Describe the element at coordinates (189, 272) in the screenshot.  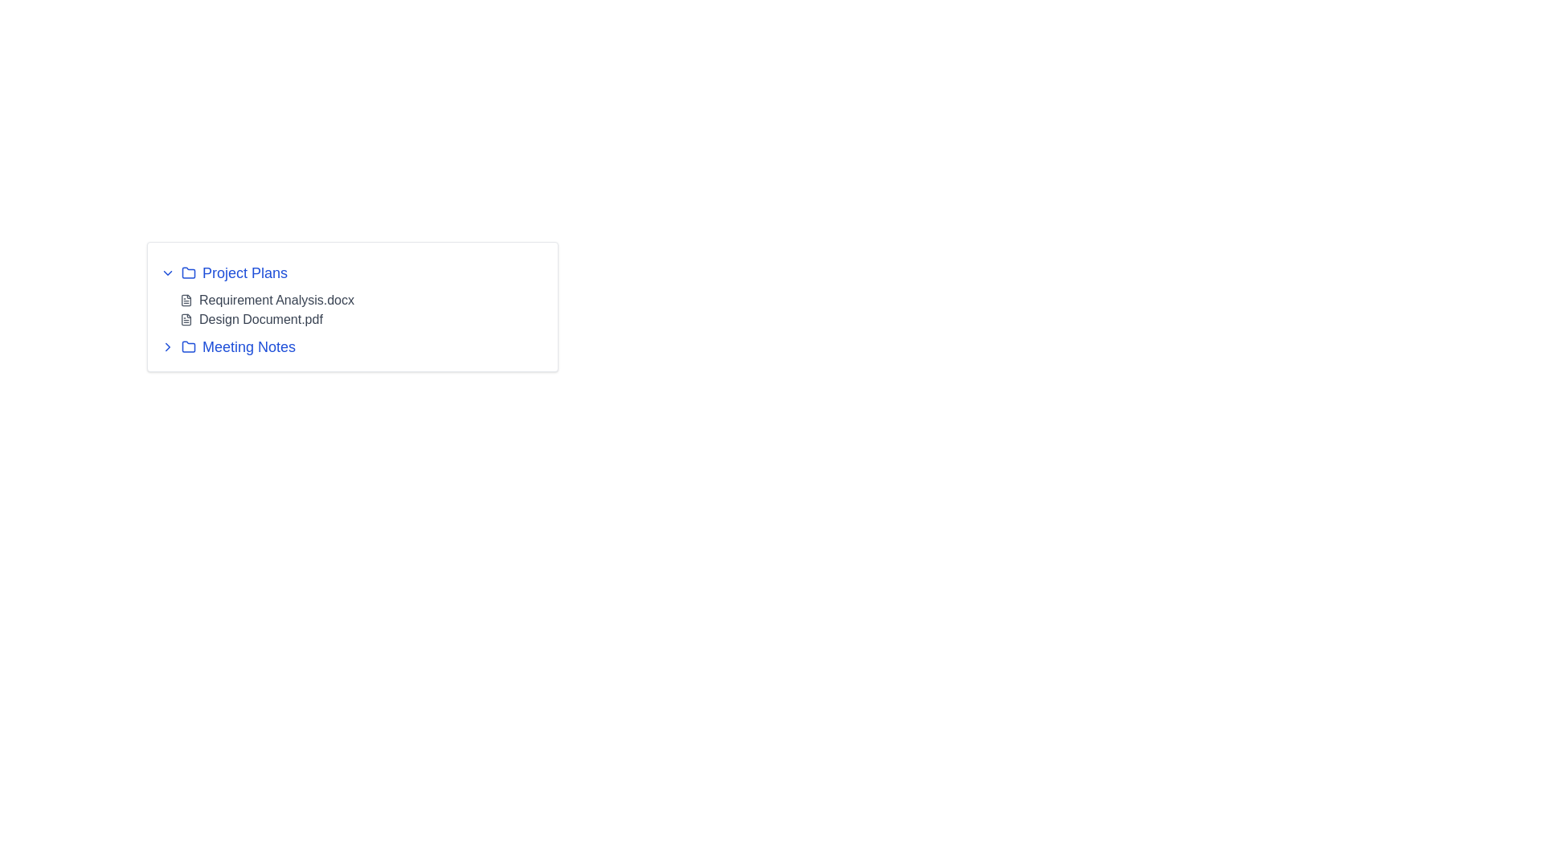
I see `the folder icon located to the left of the text 'Project Plans' and to the right of the small downward arrow icon` at that location.